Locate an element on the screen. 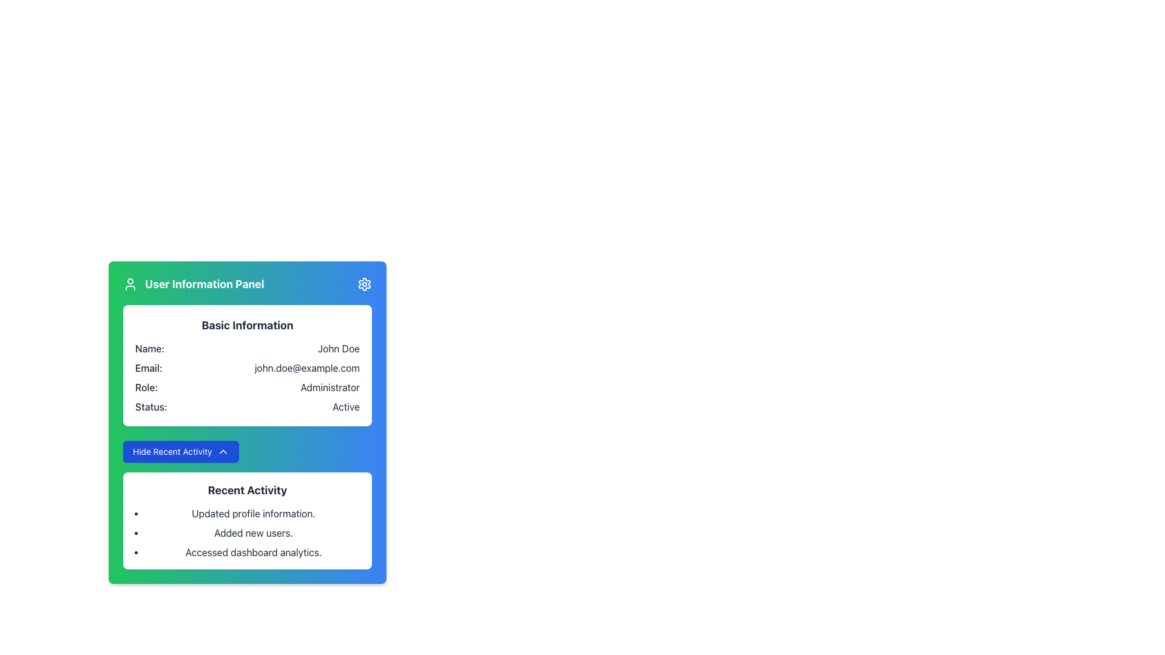 This screenshot has width=1165, height=655. text item conveying user activity related to updating profile information, which is the first item in the vertical list under the 'Recent Activity' section is located at coordinates (252, 514).